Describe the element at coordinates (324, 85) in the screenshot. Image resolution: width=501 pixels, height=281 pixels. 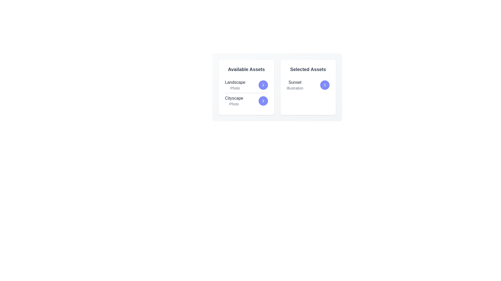
I see `left arrow button next to the 'Sunset' asset in the 'Selected Assets' list` at that location.